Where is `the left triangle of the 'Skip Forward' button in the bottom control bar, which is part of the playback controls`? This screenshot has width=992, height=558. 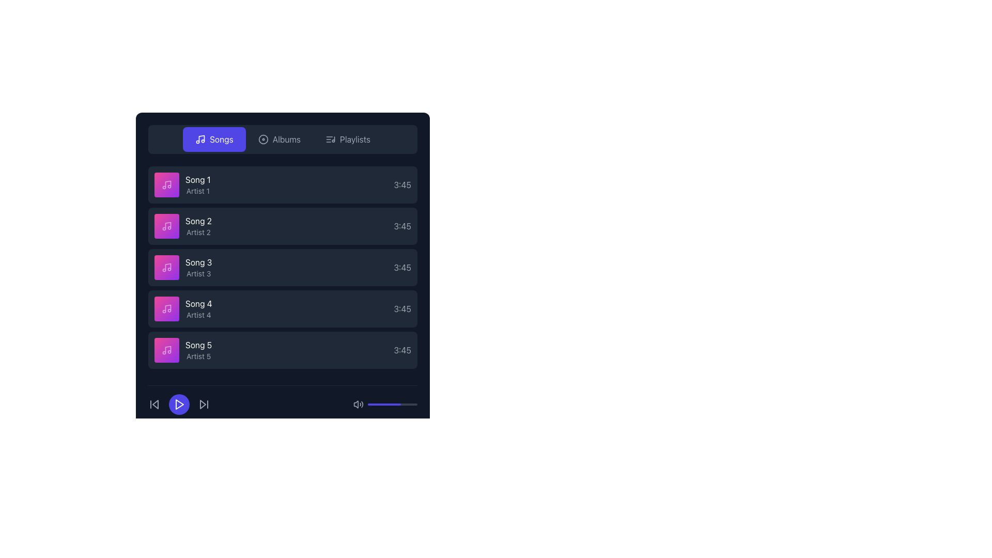 the left triangle of the 'Skip Forward' button in the bottom control bar, which is part of the playback controls is located at coordinates (203, 404).